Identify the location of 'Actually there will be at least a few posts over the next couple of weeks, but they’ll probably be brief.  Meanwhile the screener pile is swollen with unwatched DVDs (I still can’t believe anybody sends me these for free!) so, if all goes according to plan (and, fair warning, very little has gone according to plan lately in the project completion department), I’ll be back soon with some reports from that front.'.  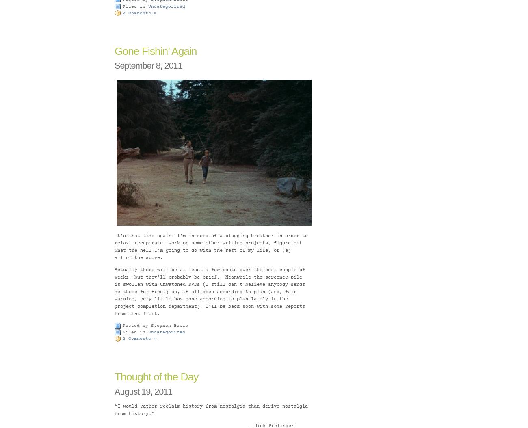
(210, 291).